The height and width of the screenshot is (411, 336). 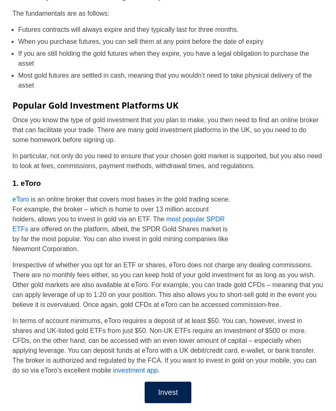 I want to click on 'are offered on the platform, albeit, the SPDR Gold Shares market is by far the most popular. You can also invest in gold mining companies like Newmont Corporation.', so click(x=119, y=238).